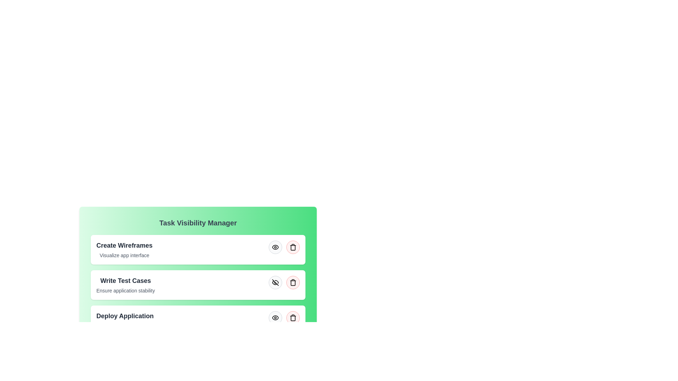 The height and width of the screenshot is (381, 678). What do you see at coordinates (293, 282) in the screenshot?
I see `trash icon to remove the task with the title Write Test Cases` at bounding box center [293, 282].